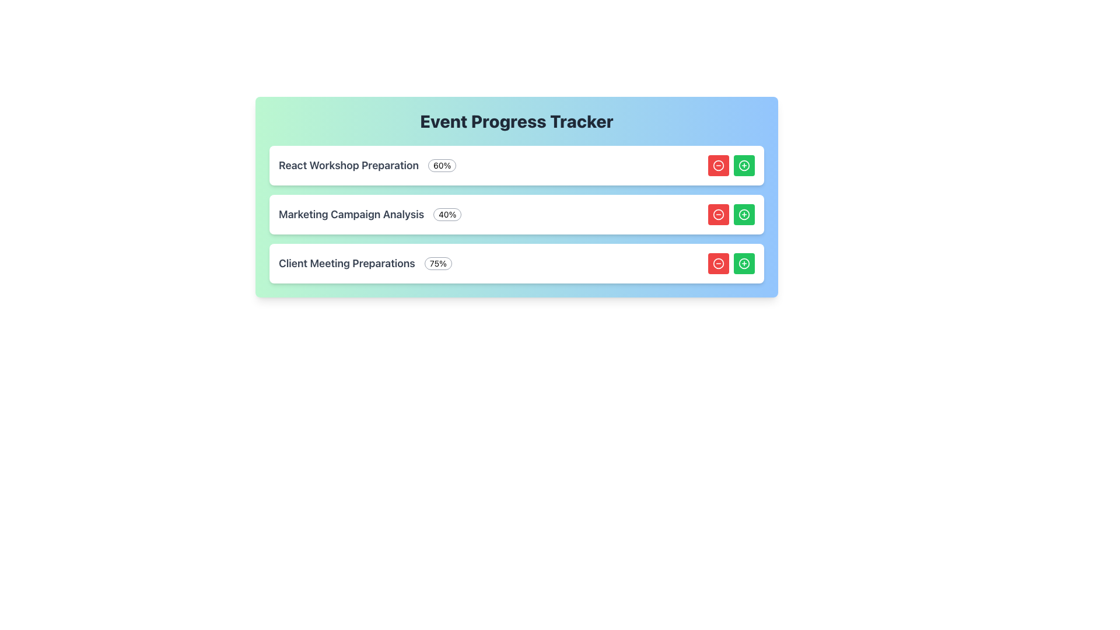  Describe the element at coordinates (718, 263) in the screenshot. I see `the decrement button located in the rightmost section of the first row of items` at that location.